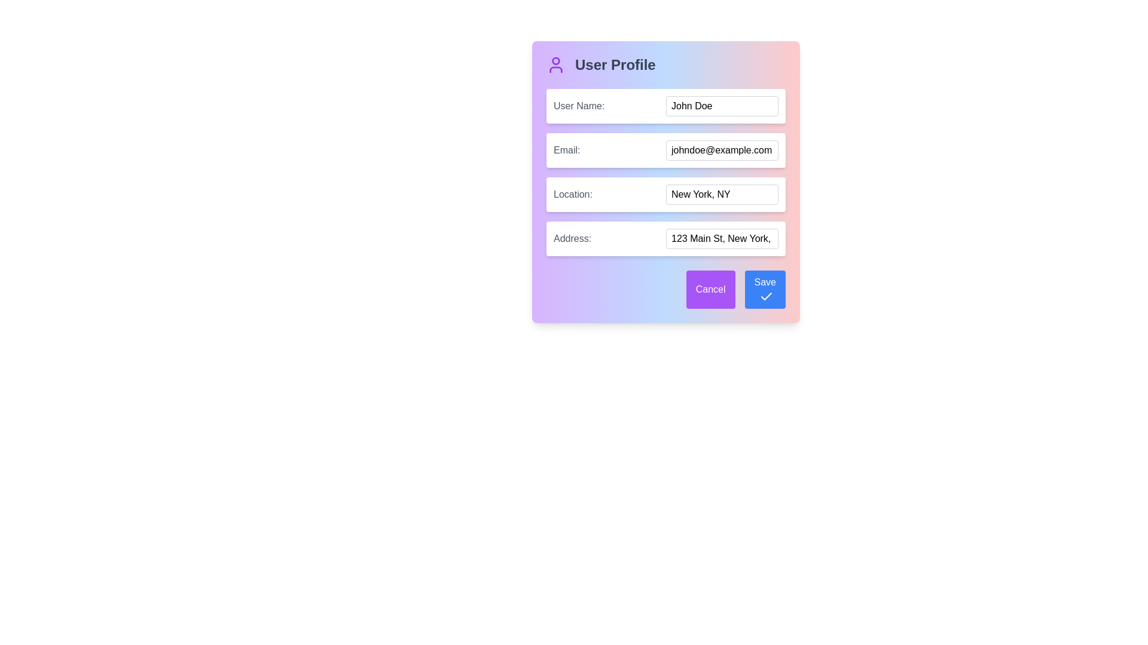  What do you see at coordinates (615, 64) in the screenshot?
I see `the 'User Profile' text label, which is styled as a bold heading in gray, located at the upper-left corner of a modal interface` at bounding box center [615, 64].